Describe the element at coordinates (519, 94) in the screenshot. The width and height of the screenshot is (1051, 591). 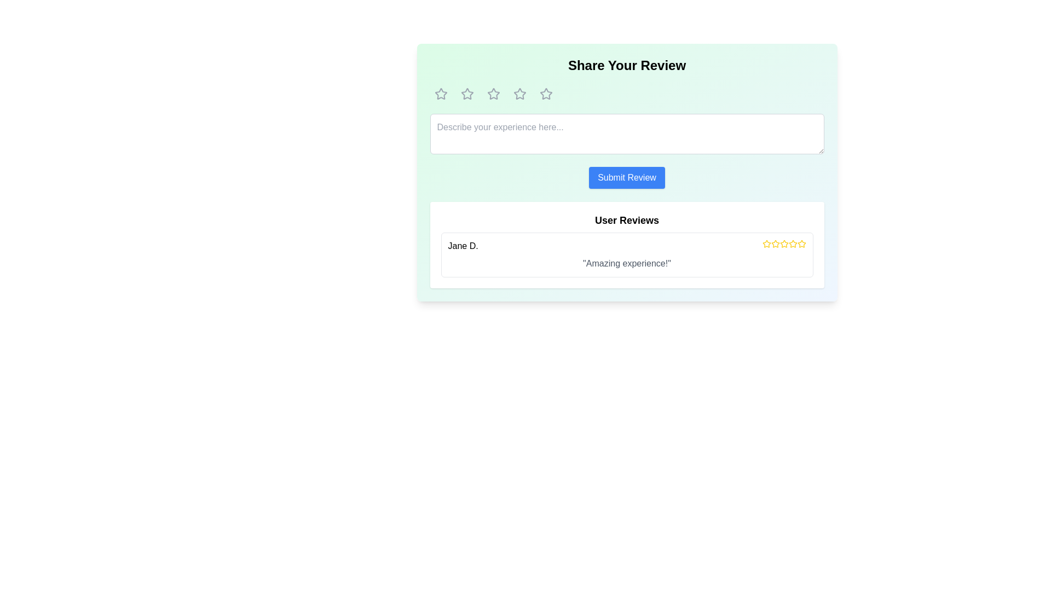
I see `the visual change of the fourth star-shaped icon in the rating system, which is part of the 'Share Your Review' section, upon interaction` at that location.